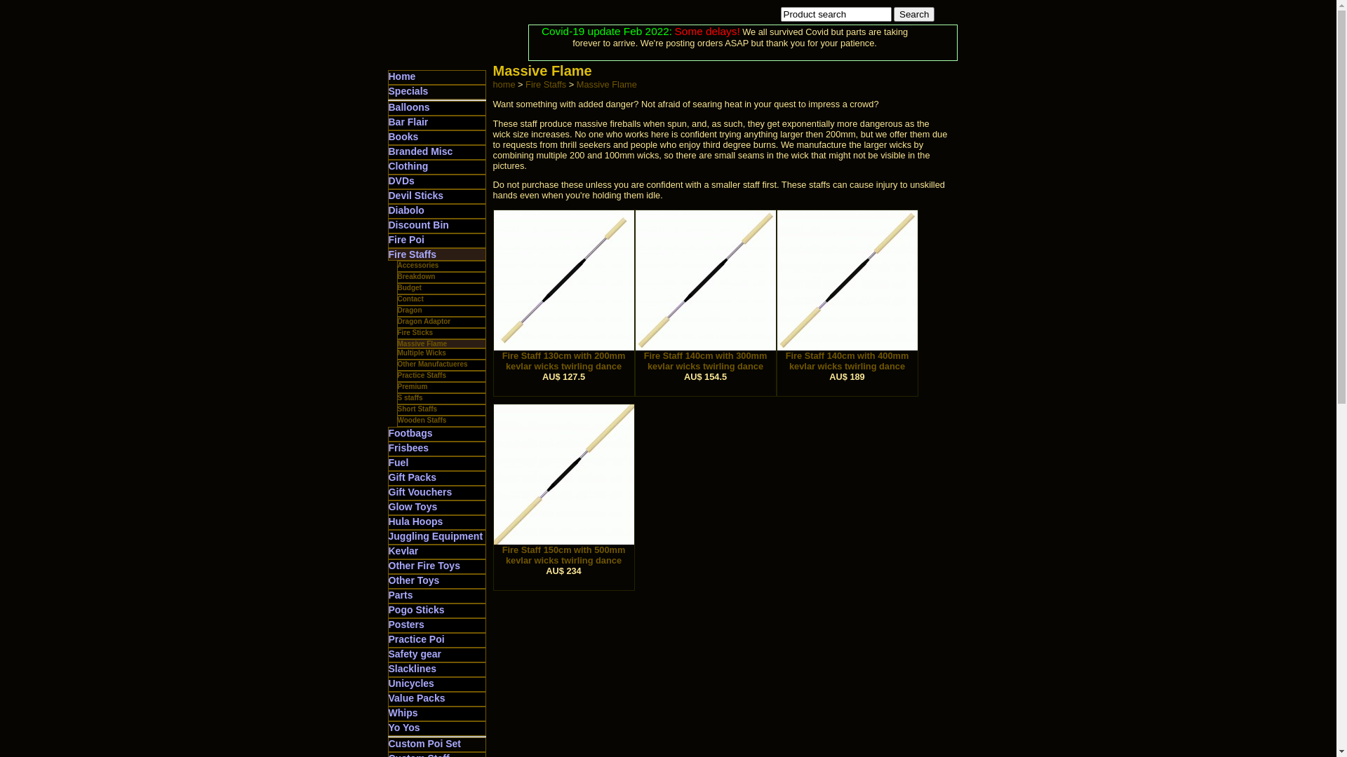  I want to click on 'Fire Staff 140cm with 300mm kevlar wicks twirling dance', so click(706, 356).